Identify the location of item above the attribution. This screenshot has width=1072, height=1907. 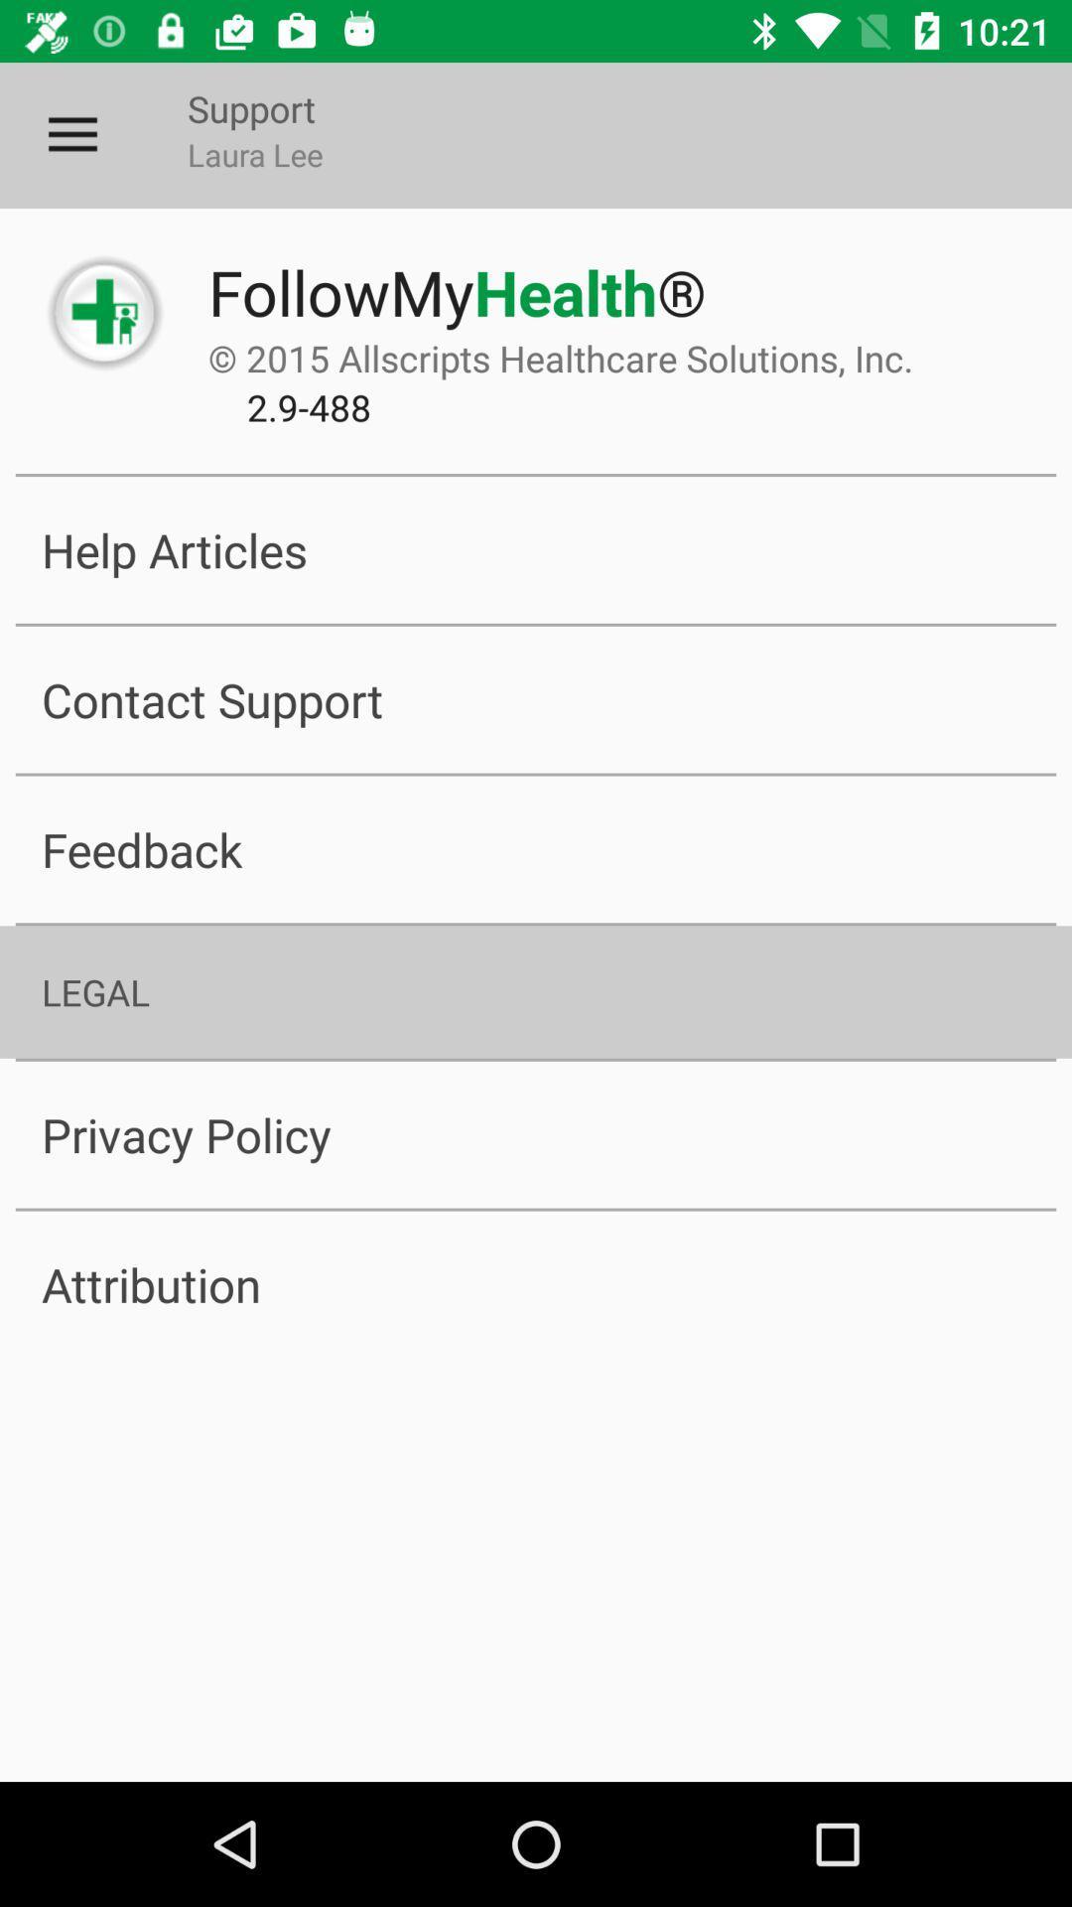
(536, 1134).